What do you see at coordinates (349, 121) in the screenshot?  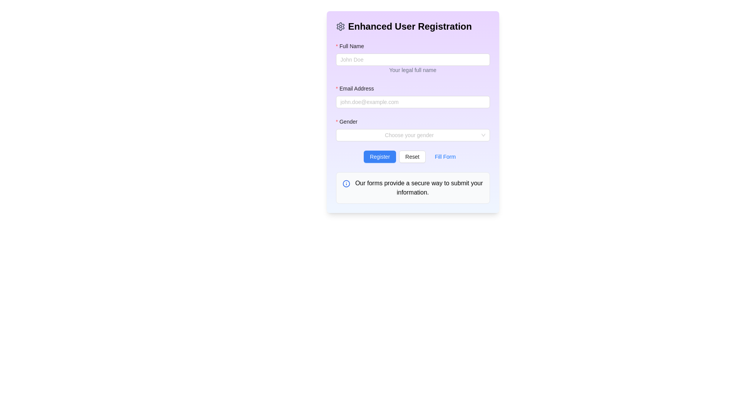 I see `the 'Gender' label with a red asterisk indicating it is a required field, located above the 'Choose your gender' dropdown in the 'Enhanced User Registration' form` at bounding box center [349, 121].